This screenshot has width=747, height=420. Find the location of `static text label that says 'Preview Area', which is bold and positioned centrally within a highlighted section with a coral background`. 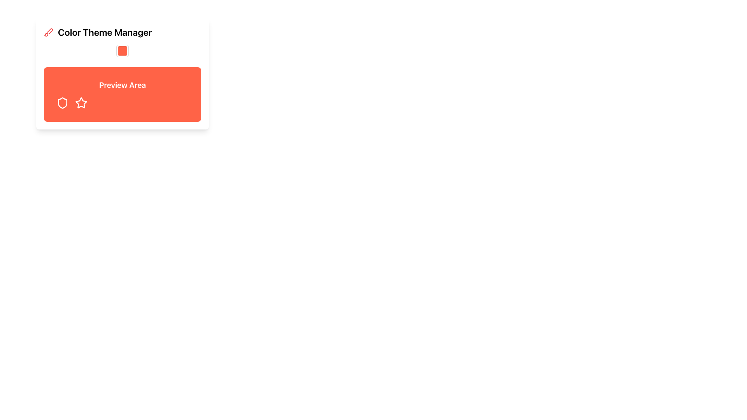

static text label that says 'Preview Area', which is bold and positioned centrally within a highlighted section with a coral background is located at coordinates (122, 85).